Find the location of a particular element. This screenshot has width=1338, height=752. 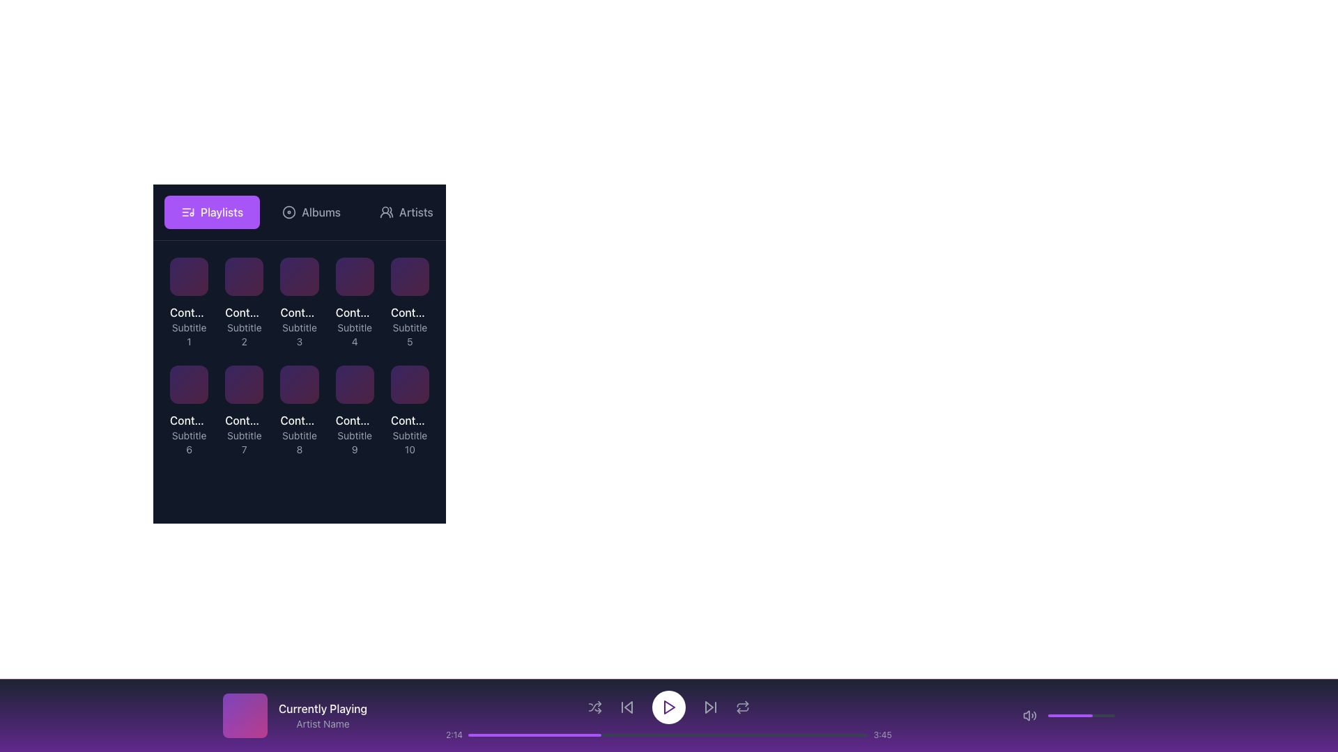

the Text display block which contains 'Content Title 1' and 'Subtitle 1', positioned in the top-left section of the grid-like list is located at coordinates (188, 327).